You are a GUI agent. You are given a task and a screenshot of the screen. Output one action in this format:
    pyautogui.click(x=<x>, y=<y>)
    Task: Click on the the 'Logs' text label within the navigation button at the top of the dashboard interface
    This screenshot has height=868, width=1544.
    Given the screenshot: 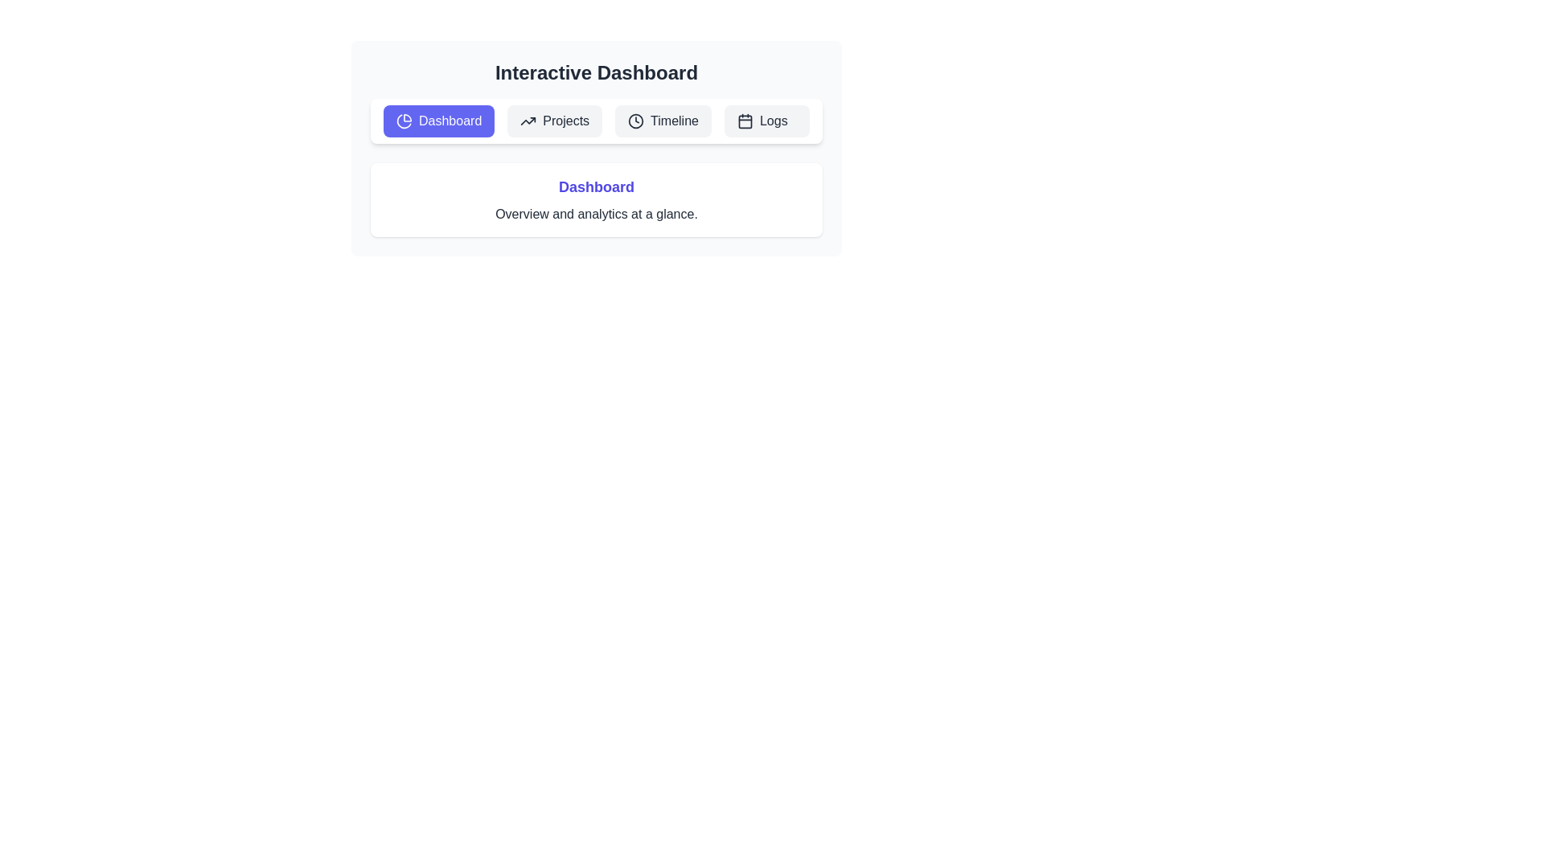 What is the action you would take?
    pyautogui.click(x=774, y=120)
    